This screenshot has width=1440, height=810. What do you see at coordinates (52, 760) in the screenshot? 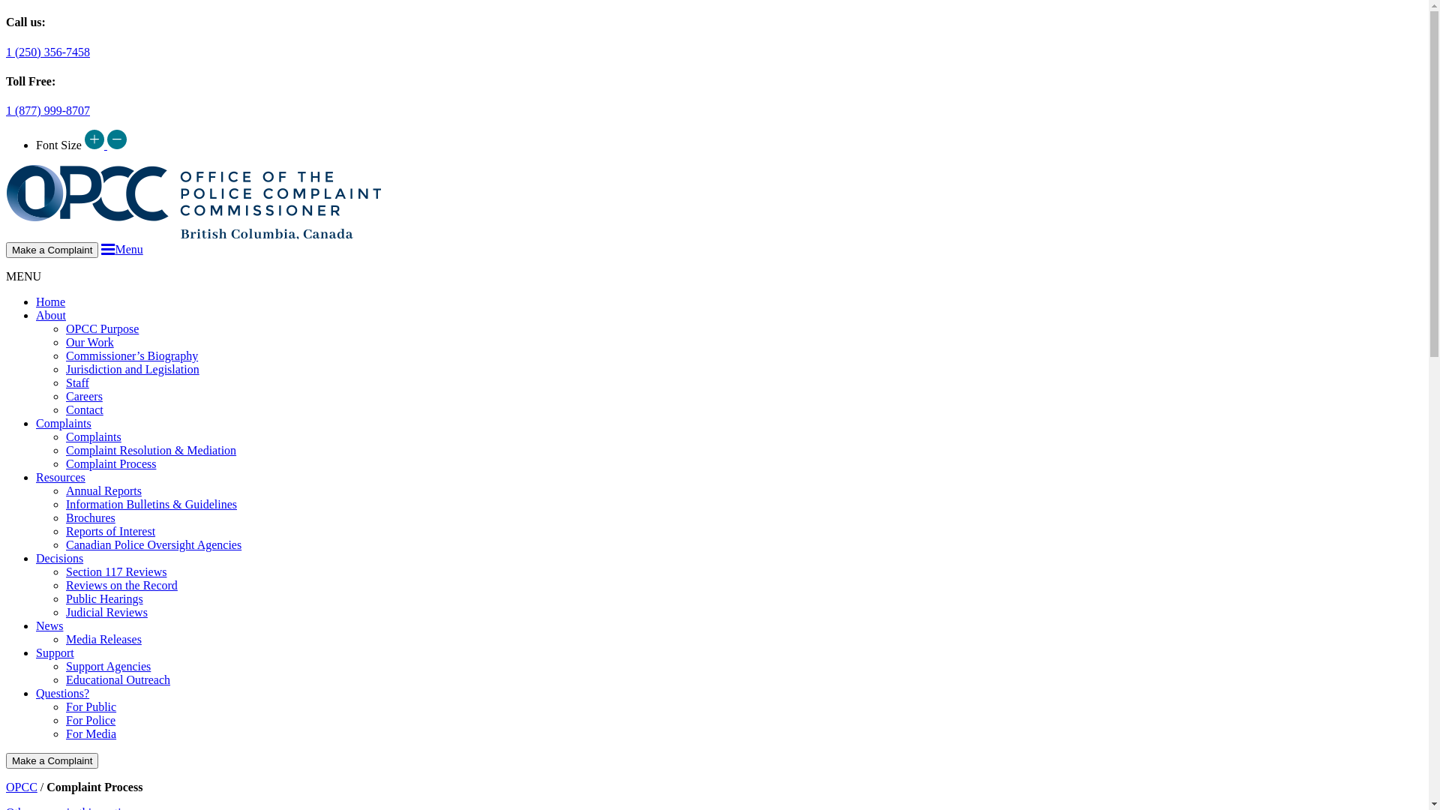
I see `'Make a Complaint'` at bounding box center [52, 760].